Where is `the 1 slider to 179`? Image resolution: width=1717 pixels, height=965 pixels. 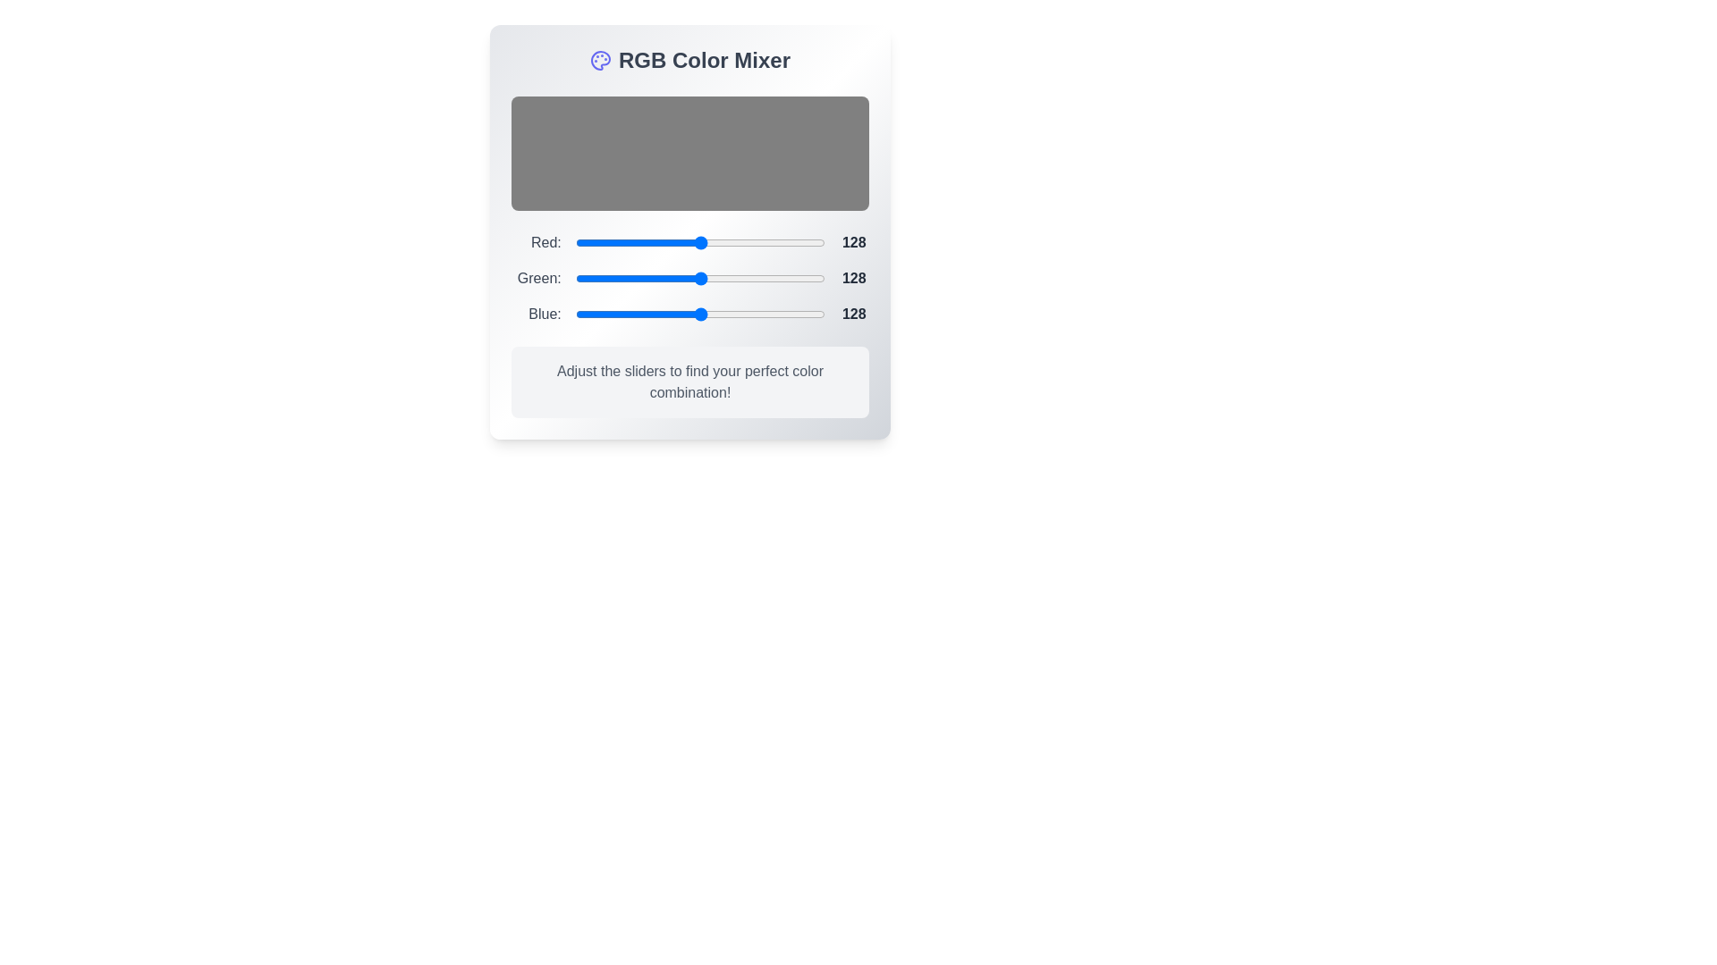 the 1 slider to 179 is located at coordinates (750, 279).